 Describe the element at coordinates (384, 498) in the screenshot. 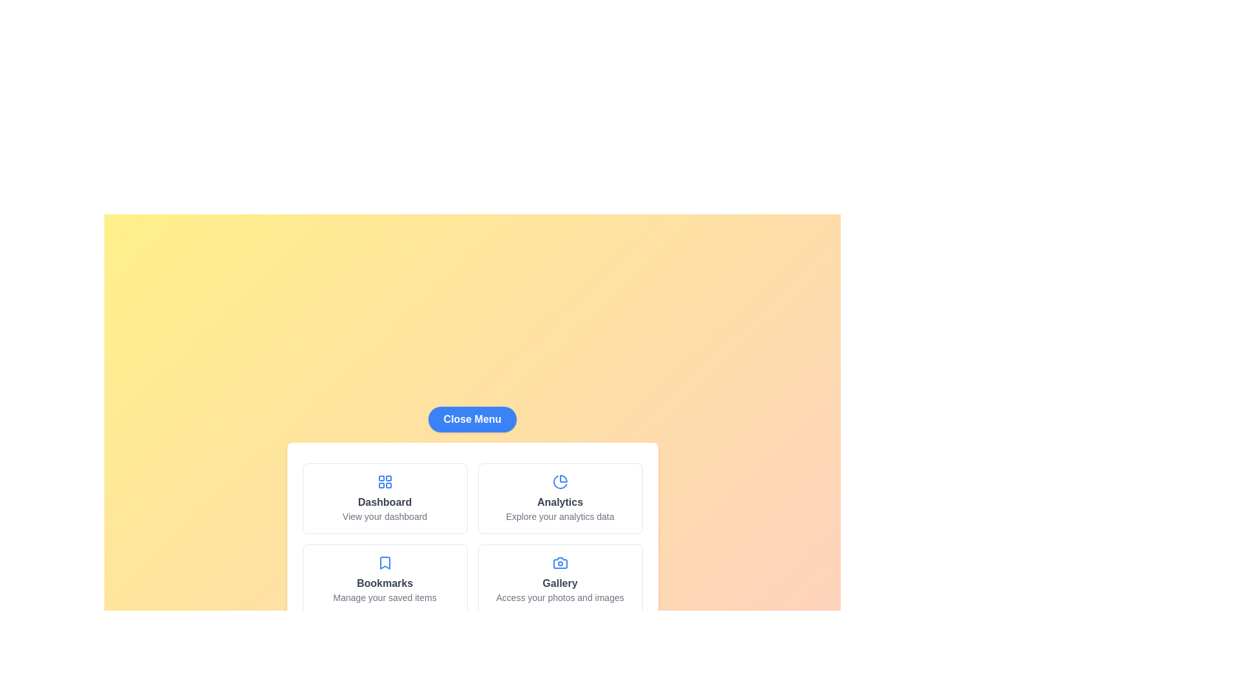

I see `the menu item Dashboard` at that location.